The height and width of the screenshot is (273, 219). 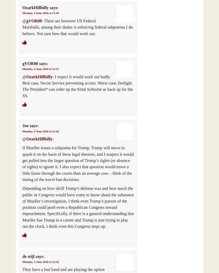 I want to click on 'de stijl', so click(x=28, y=256).